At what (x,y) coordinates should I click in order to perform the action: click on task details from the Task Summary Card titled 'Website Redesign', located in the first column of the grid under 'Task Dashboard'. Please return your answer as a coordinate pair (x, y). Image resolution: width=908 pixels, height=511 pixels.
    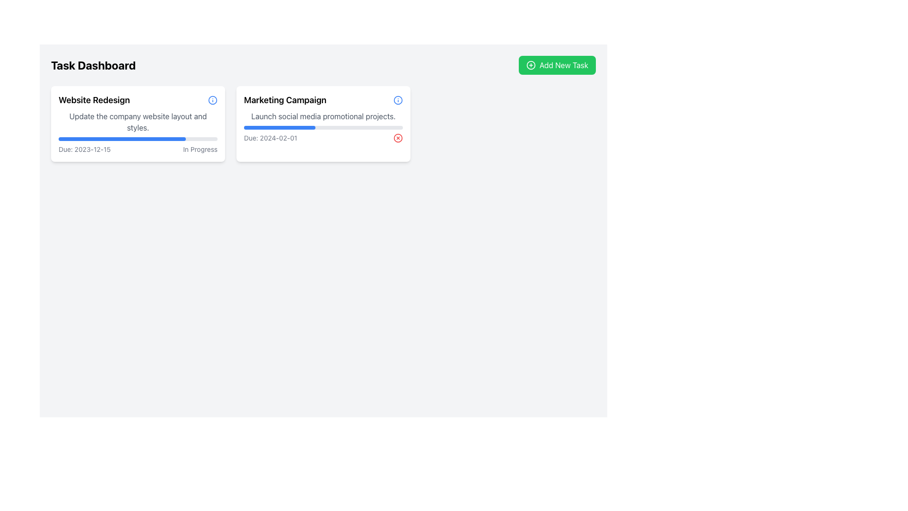
    Looking at the image, I should click on (138, 123).